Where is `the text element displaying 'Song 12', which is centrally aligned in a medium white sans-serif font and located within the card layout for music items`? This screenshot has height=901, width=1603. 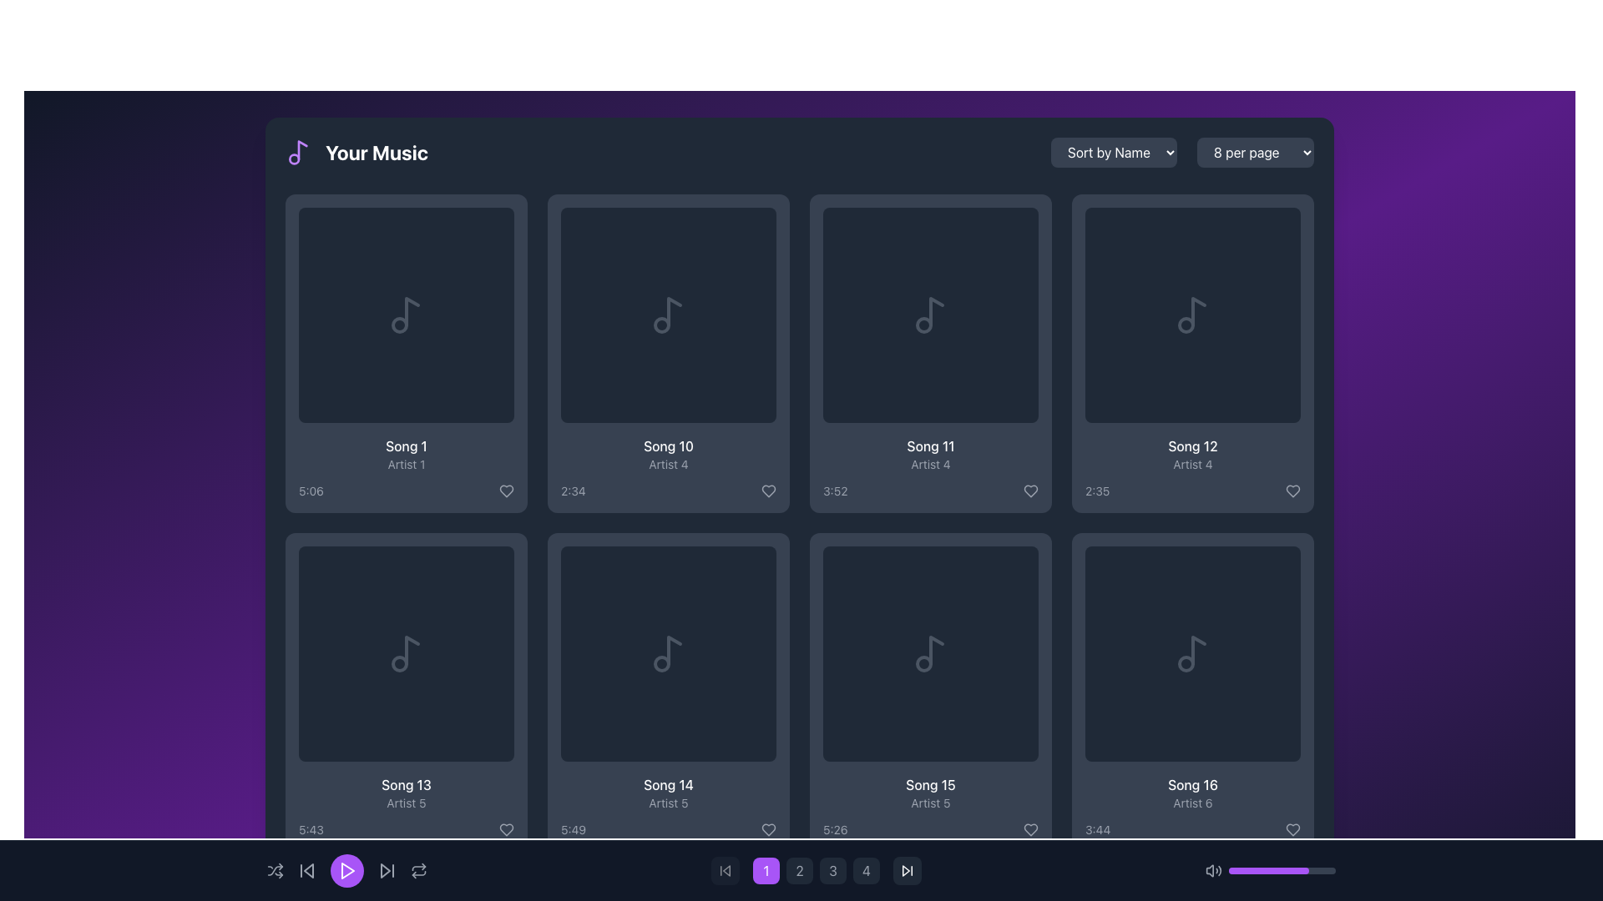
the text element displaying 'Song 12', which is centrally aligned in a medium white sans-serif font and located within the card layout for music items is located at coordinates (1192, 445).